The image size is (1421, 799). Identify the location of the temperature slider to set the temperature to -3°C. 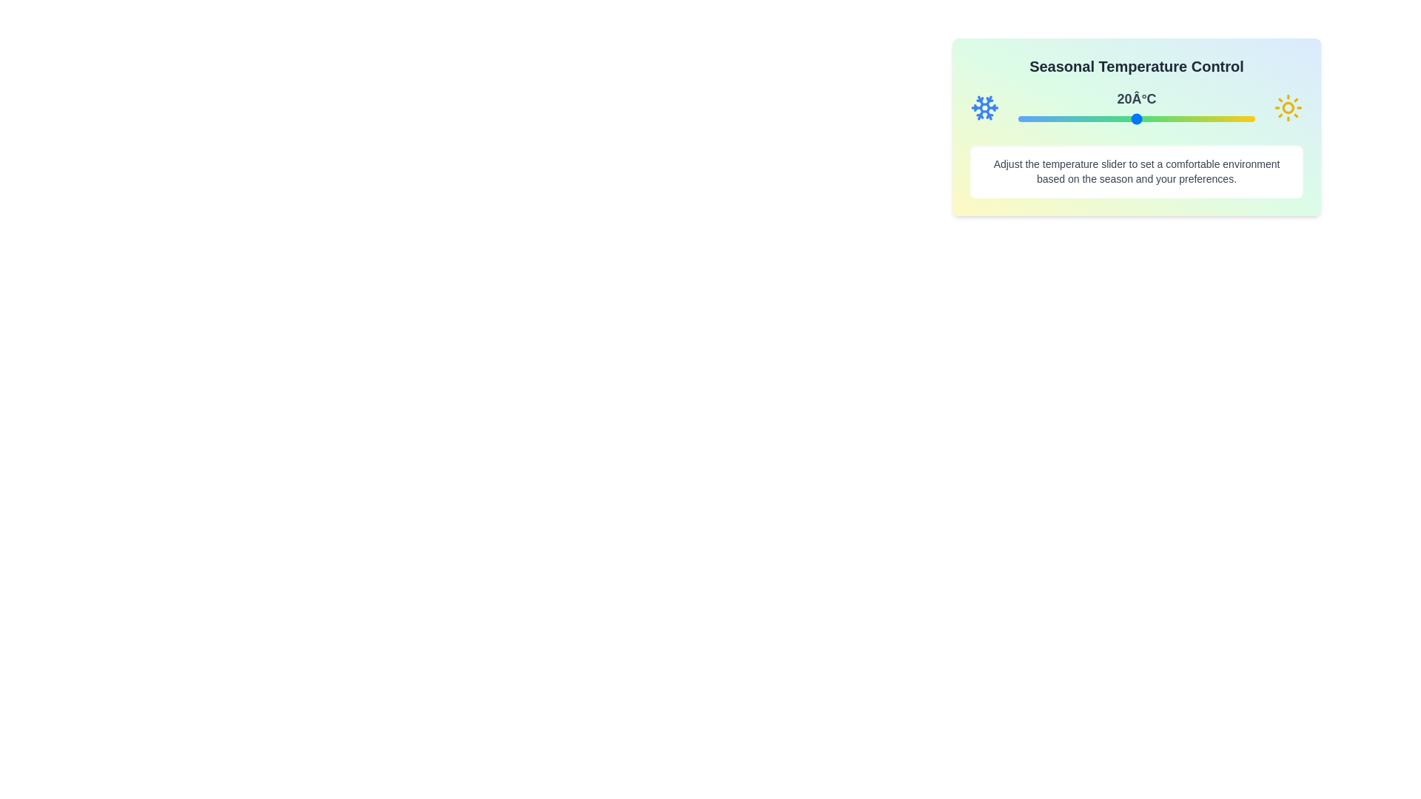
(1045, 118).